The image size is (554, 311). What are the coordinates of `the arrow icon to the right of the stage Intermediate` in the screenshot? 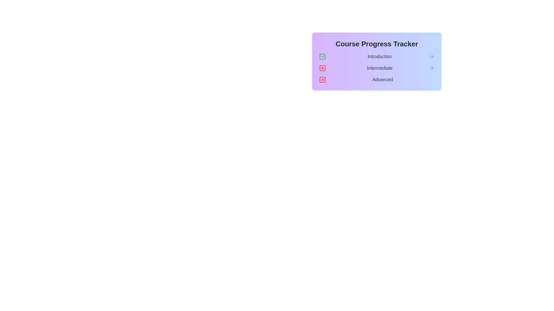 It's located at (432, 68).